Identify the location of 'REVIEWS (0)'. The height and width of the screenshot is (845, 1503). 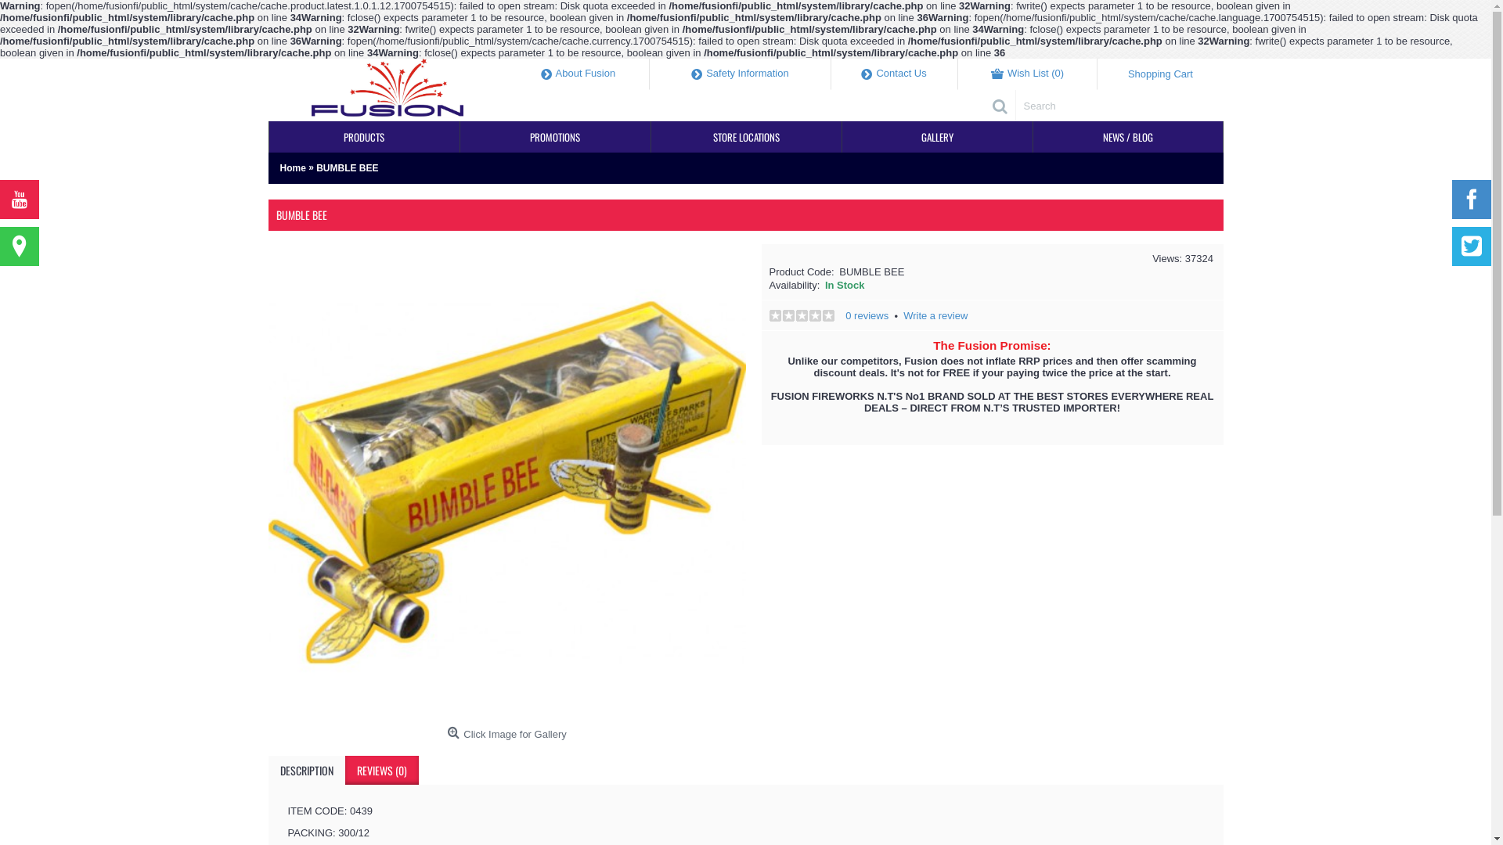
(380, 769).